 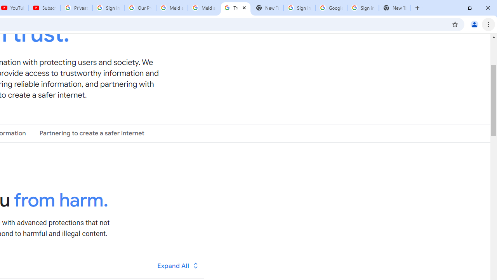 I want to click on 'New Tab', so click(x=394, y=8).